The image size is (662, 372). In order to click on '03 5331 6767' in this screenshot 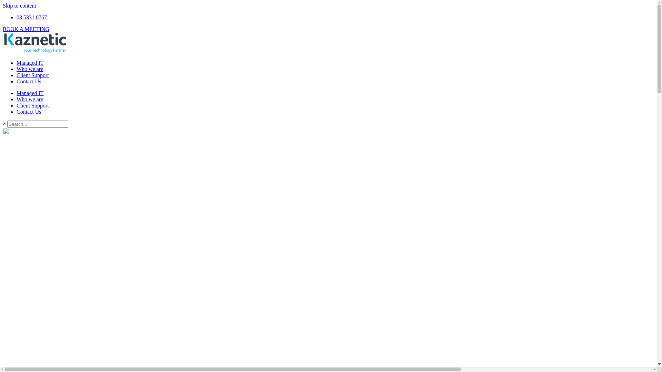, I will do `click(17, 17)`.